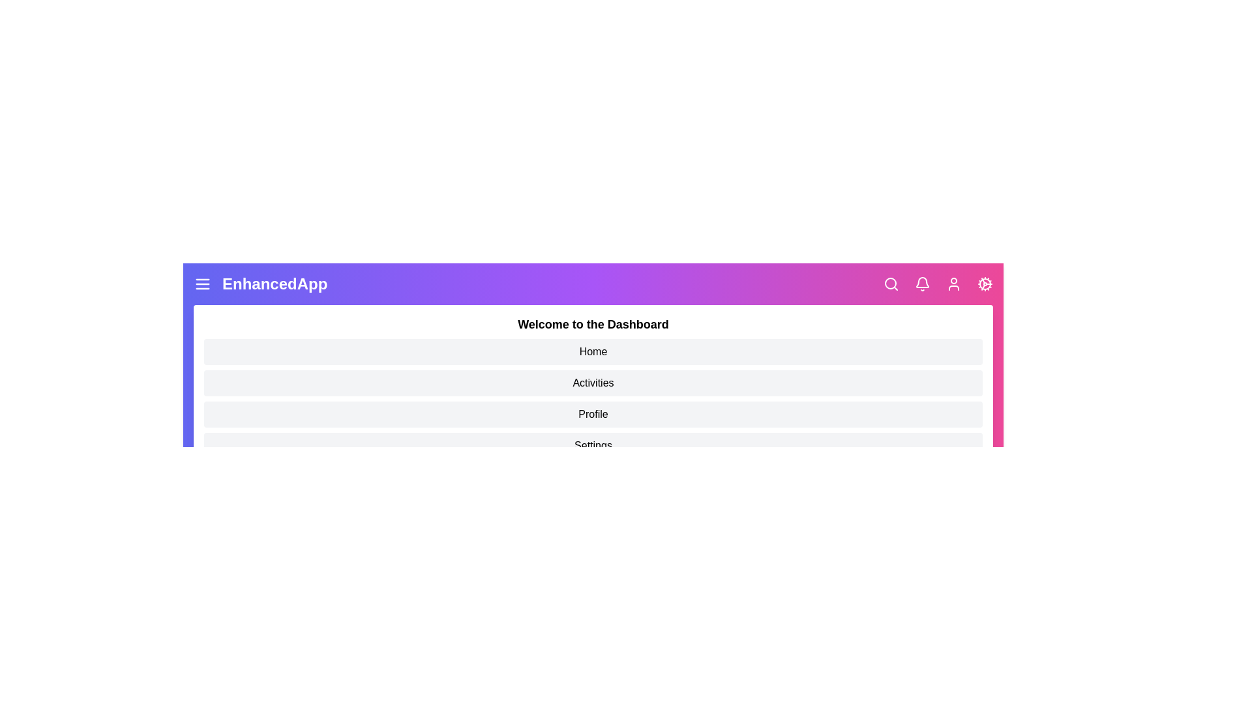 Image resolution: width=1252 pixels, height=704 pixels. What do you see at coordinates (593, 445) in the screenshot?
I see `the dashboard item labeled Settings` at bounding box center [593, 445].